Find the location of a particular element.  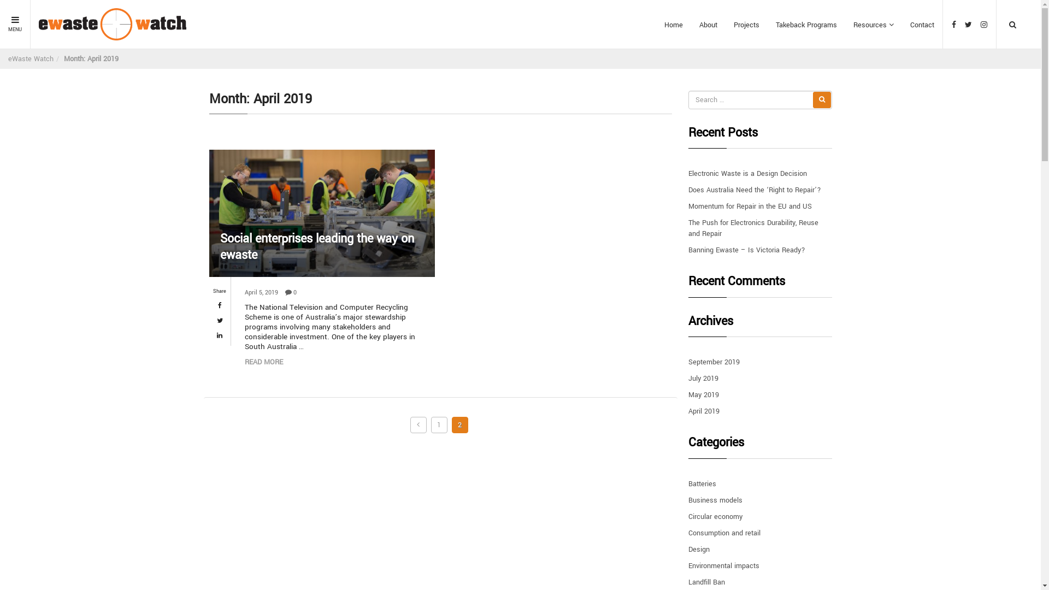

'May 2019' is located at coordinates (703, 394).